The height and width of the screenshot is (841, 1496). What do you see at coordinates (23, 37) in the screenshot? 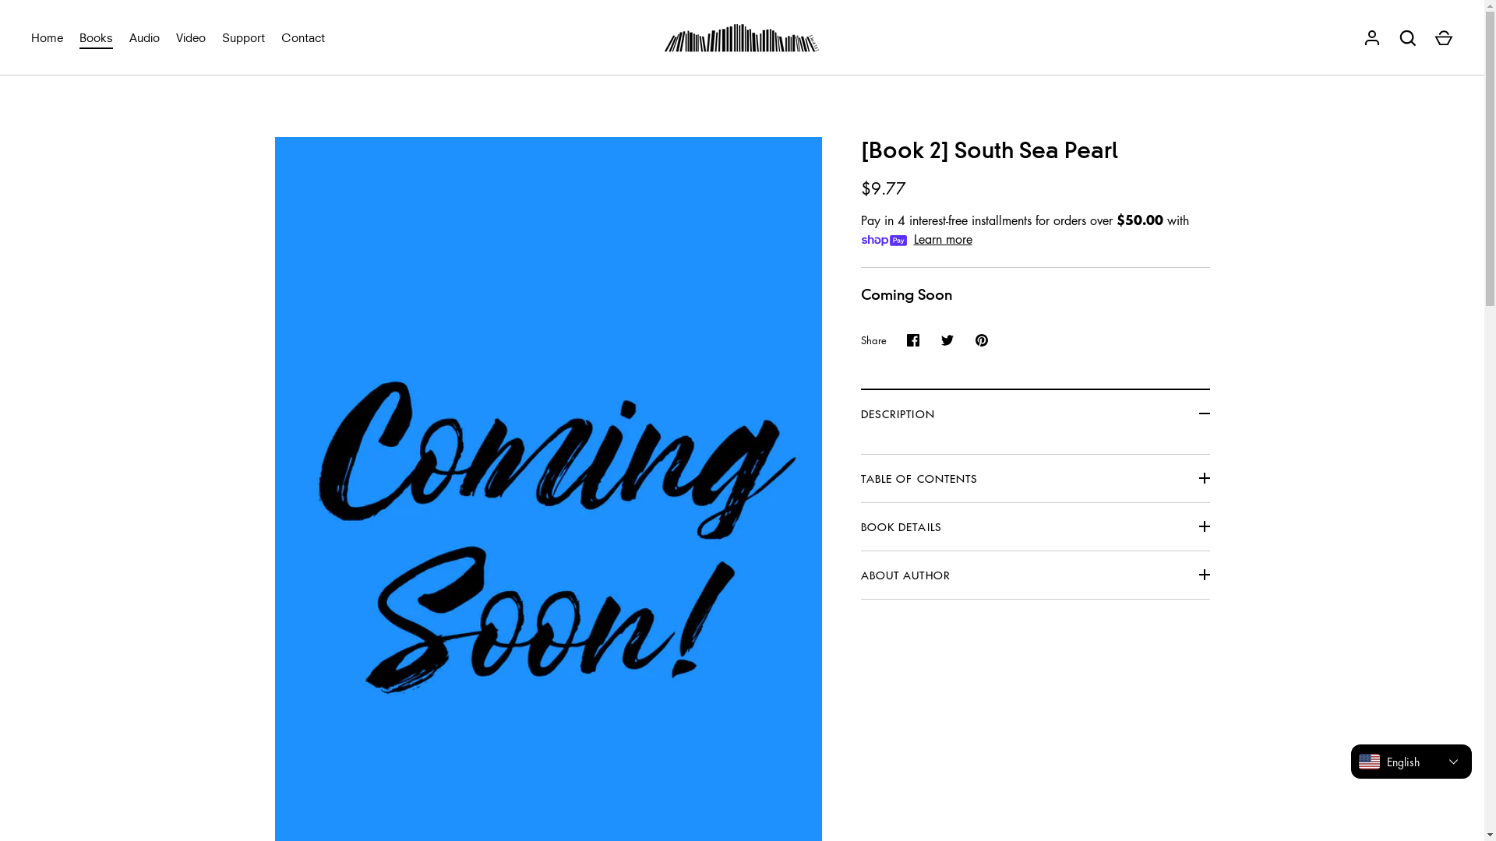
I see `'Home'` at bounding box center [23, 37].